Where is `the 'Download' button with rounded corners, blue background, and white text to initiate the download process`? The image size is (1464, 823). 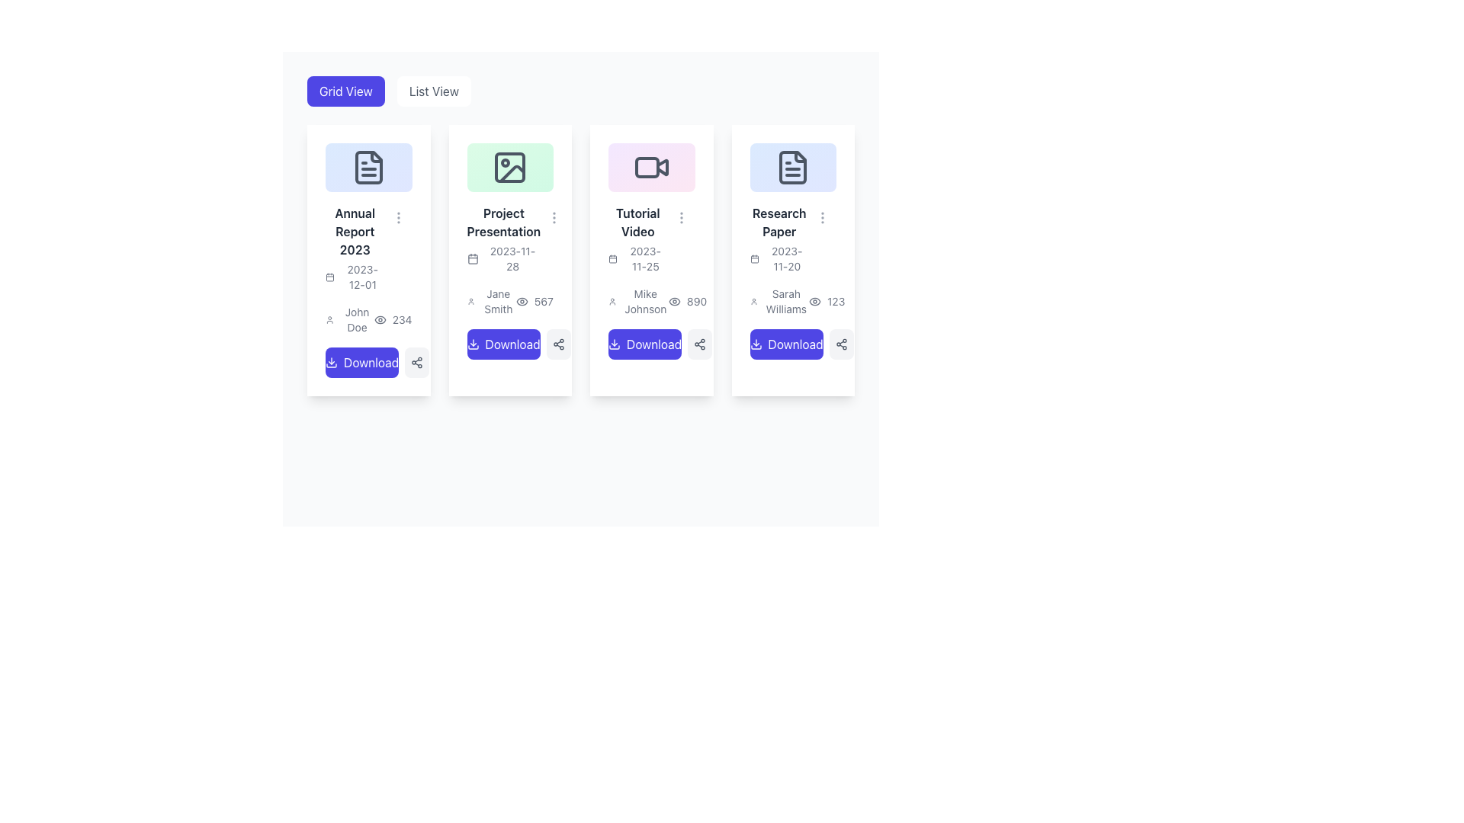 the 'Download' button with rounded corners, blue background, and white text to initiate the download process is located at coordinates (786, 344).